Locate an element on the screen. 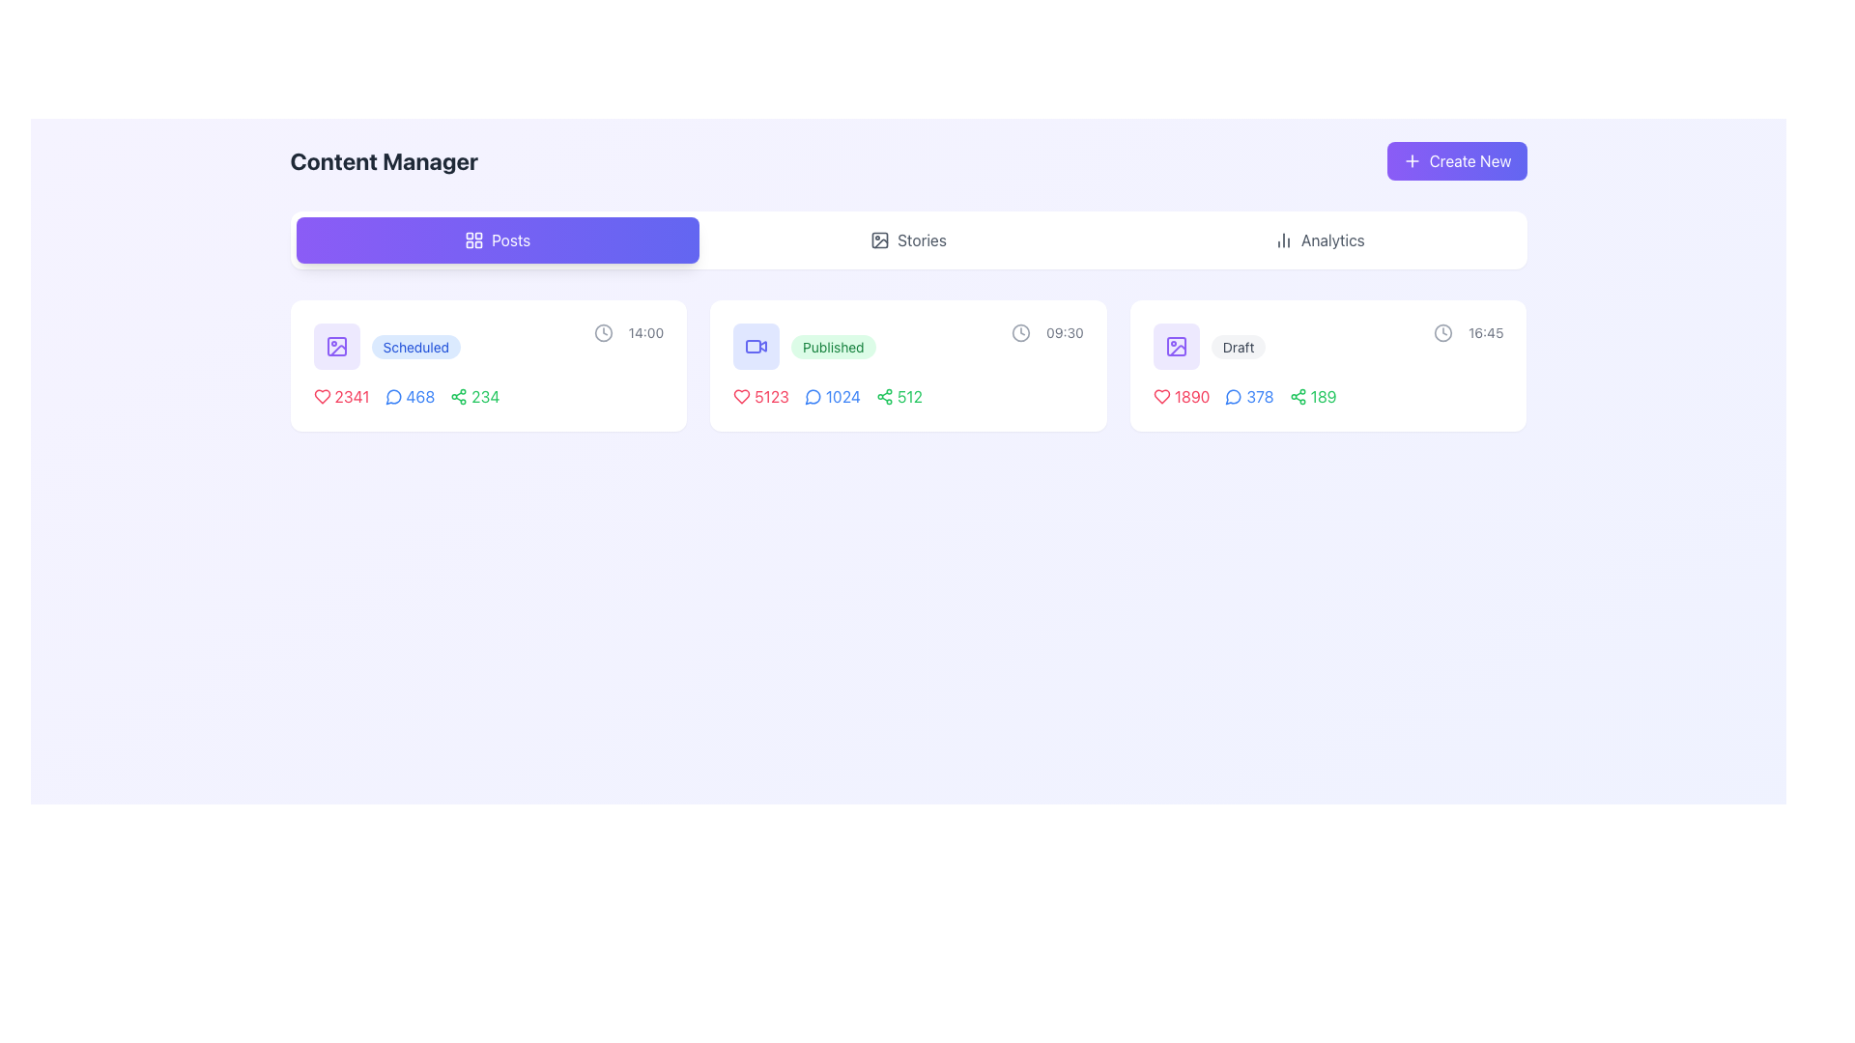 Image resolution: width=1855 pixels, height=1043 pixels. the Status label displaying 'Published' with green text on a light green rounded background, located in the second card under the 'Posts' tab is located at coordinates (833, 345).